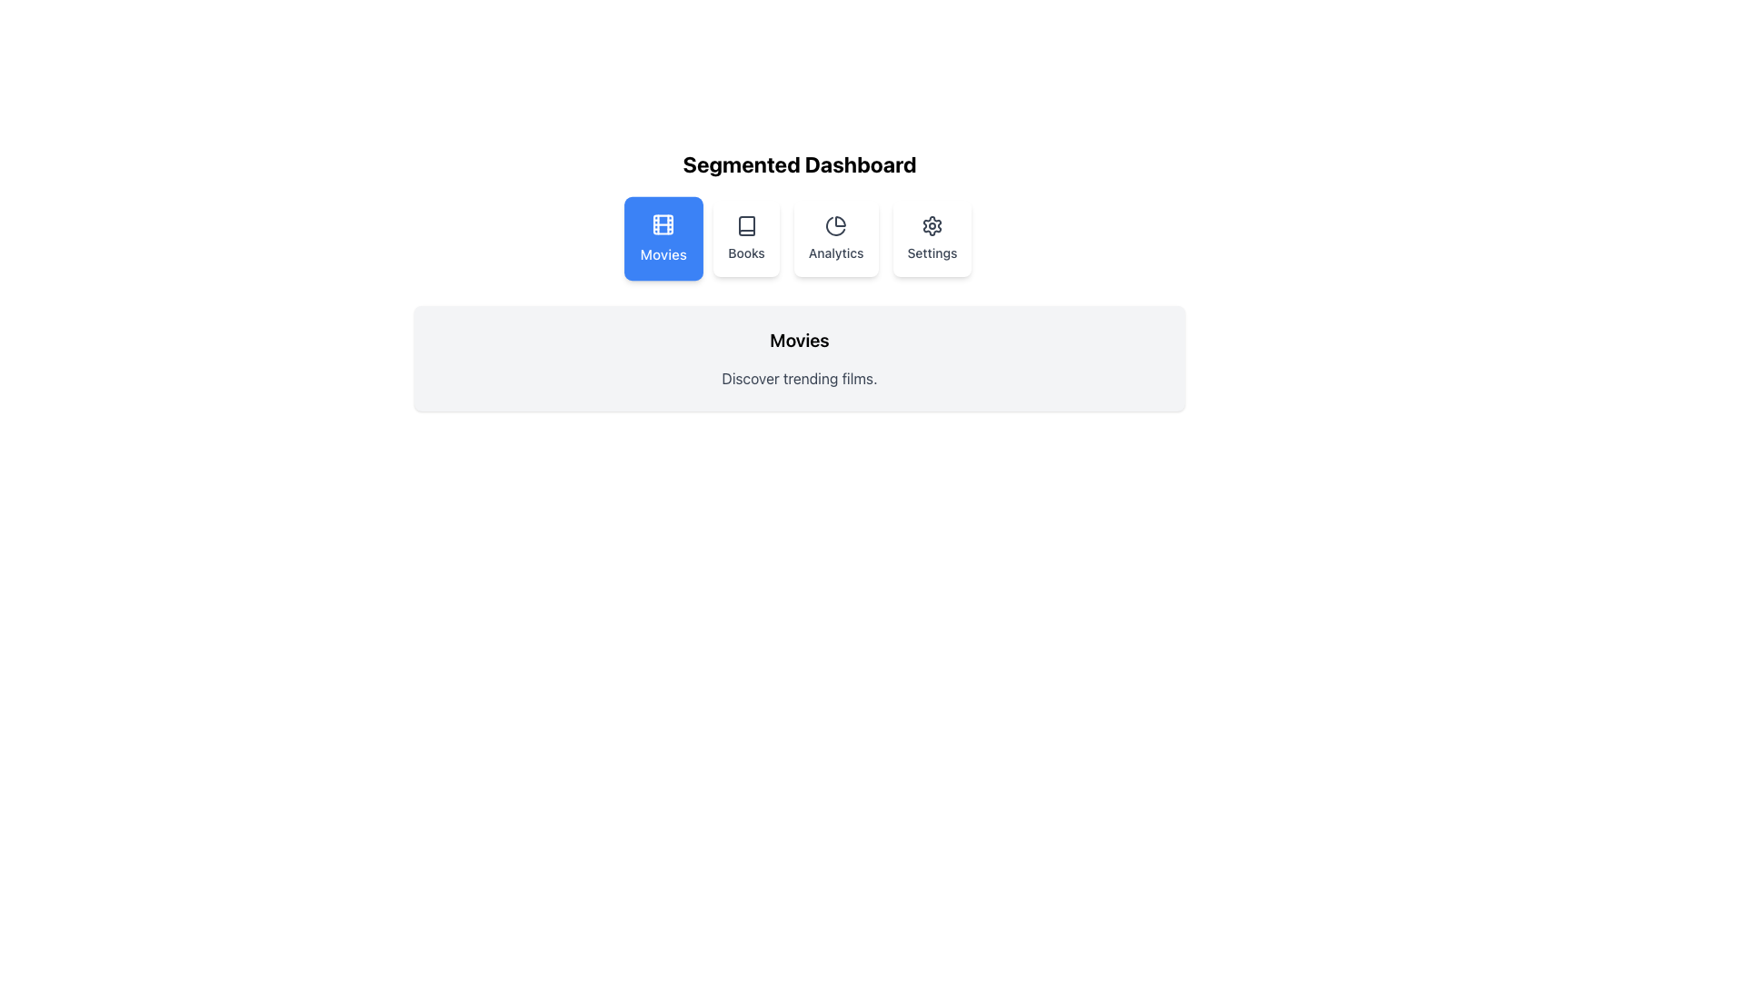 The image size is (1745, 981). I want to click on the 'Analytics' button card element in the horizontal navigation group on the Segmented Dashboard, so click(835, 237).